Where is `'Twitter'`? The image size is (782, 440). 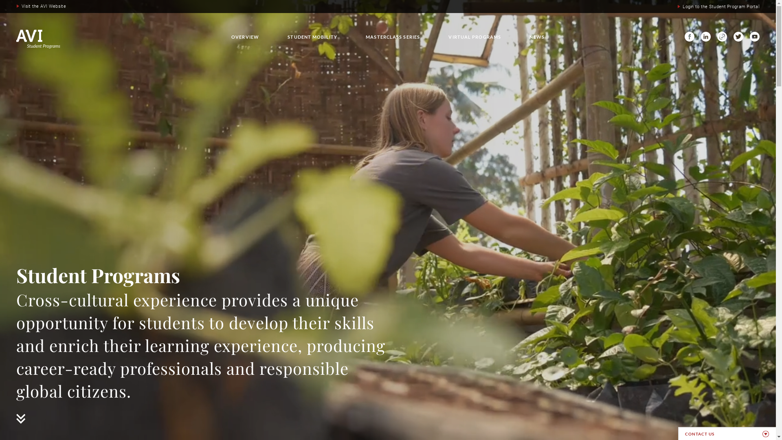 'Twitter' is located at coordinates (738, 36).